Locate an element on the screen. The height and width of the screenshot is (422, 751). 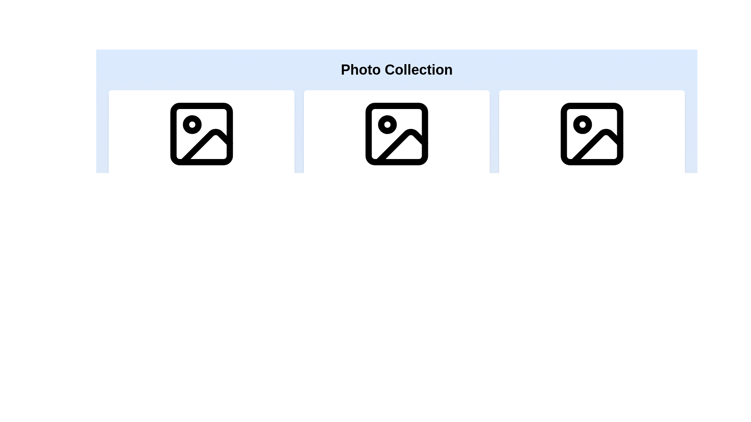
the first photo collection icon is located at coordinates (201, 134).